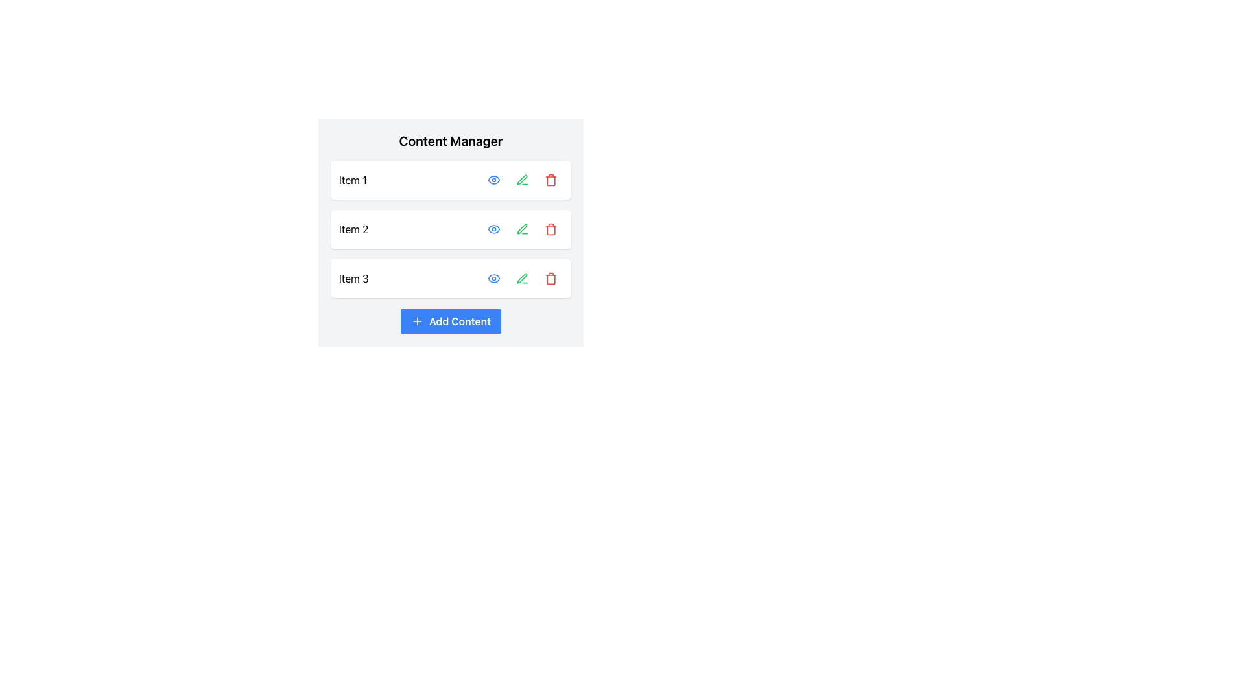  What do you see at coordinates (353, 229) in the screenshot?
I see `the Text Label that identifies the second content item in the list, positioned between 'Item 1' and 'Item 3'` at bounding box center [353, 229].